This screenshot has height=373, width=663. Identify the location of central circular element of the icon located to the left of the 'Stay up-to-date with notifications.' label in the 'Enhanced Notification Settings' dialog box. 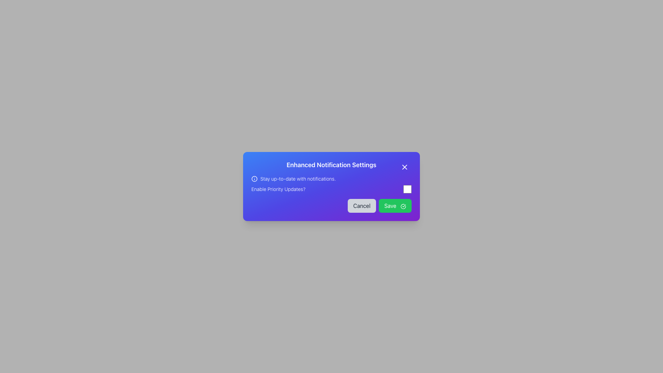
(254, 178).